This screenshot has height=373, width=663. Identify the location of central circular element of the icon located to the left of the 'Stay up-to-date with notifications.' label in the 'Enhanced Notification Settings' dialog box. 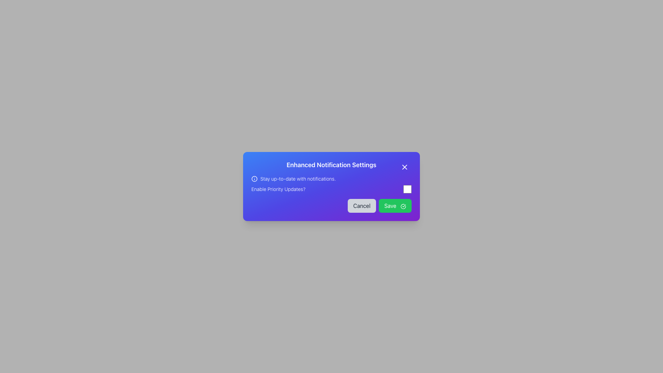
(254, 178).